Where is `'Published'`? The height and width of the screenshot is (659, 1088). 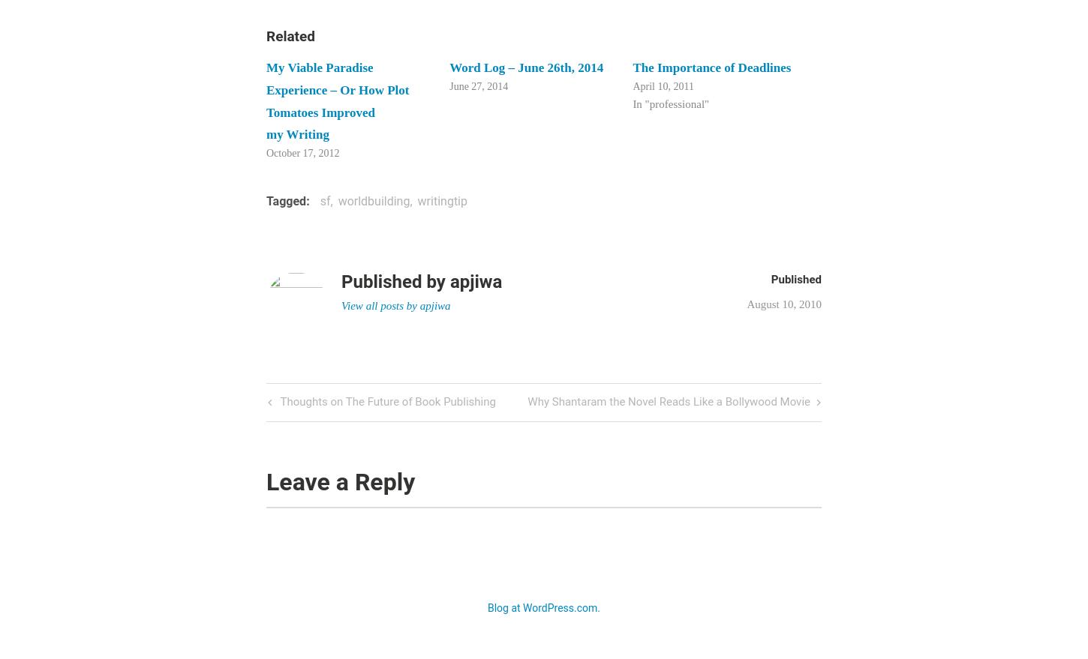
'Published' is located at coordinates (795, 279).